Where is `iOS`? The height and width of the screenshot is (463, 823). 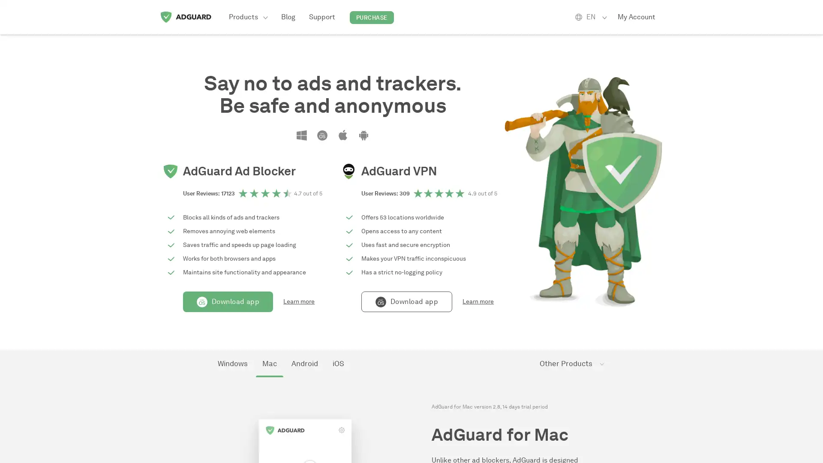 iOS is located at coordinates (338, 364).